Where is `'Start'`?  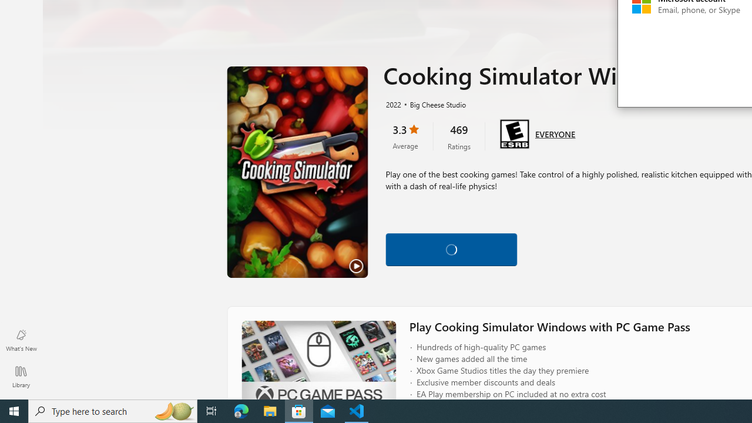
'Start' is located at coordinates (14, 410).